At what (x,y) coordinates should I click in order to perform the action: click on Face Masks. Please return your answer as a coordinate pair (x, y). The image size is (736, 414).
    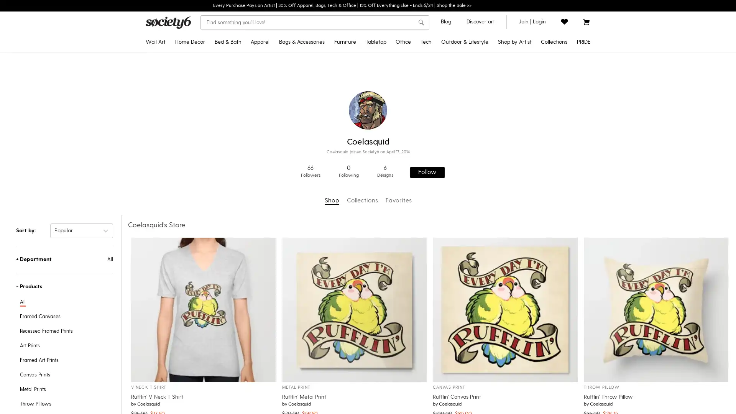
    Looking at the image, I should click on (307, 148).